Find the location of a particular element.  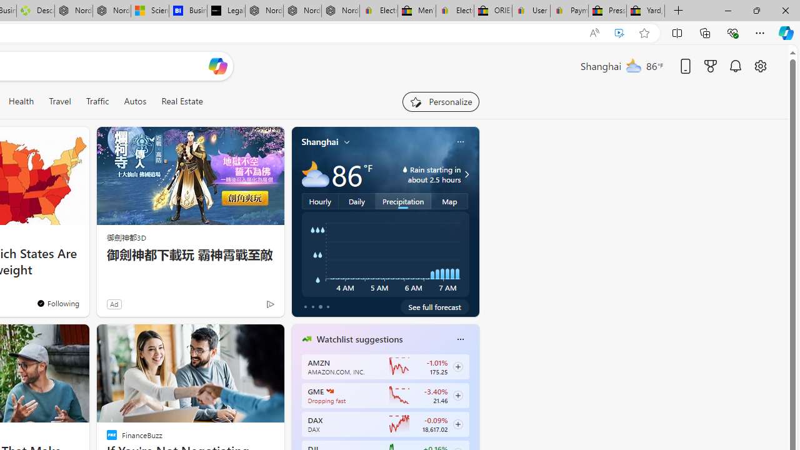

'Daily' is located at coordinates (356, 200).